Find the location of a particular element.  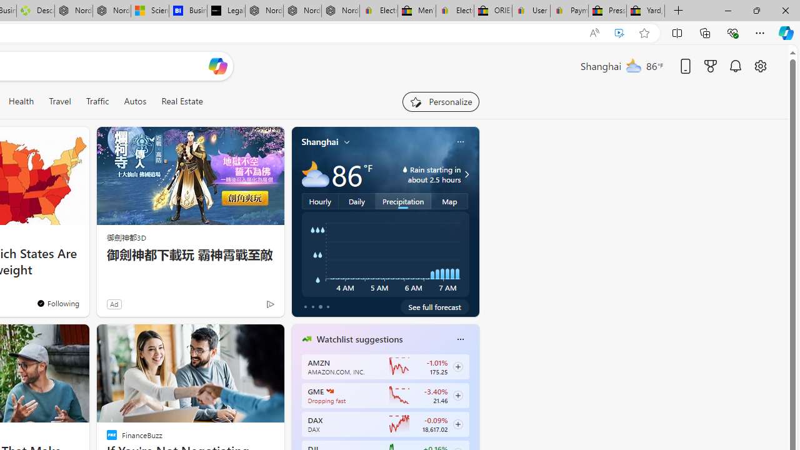

'Daily' is located at coordinates (356, 200).